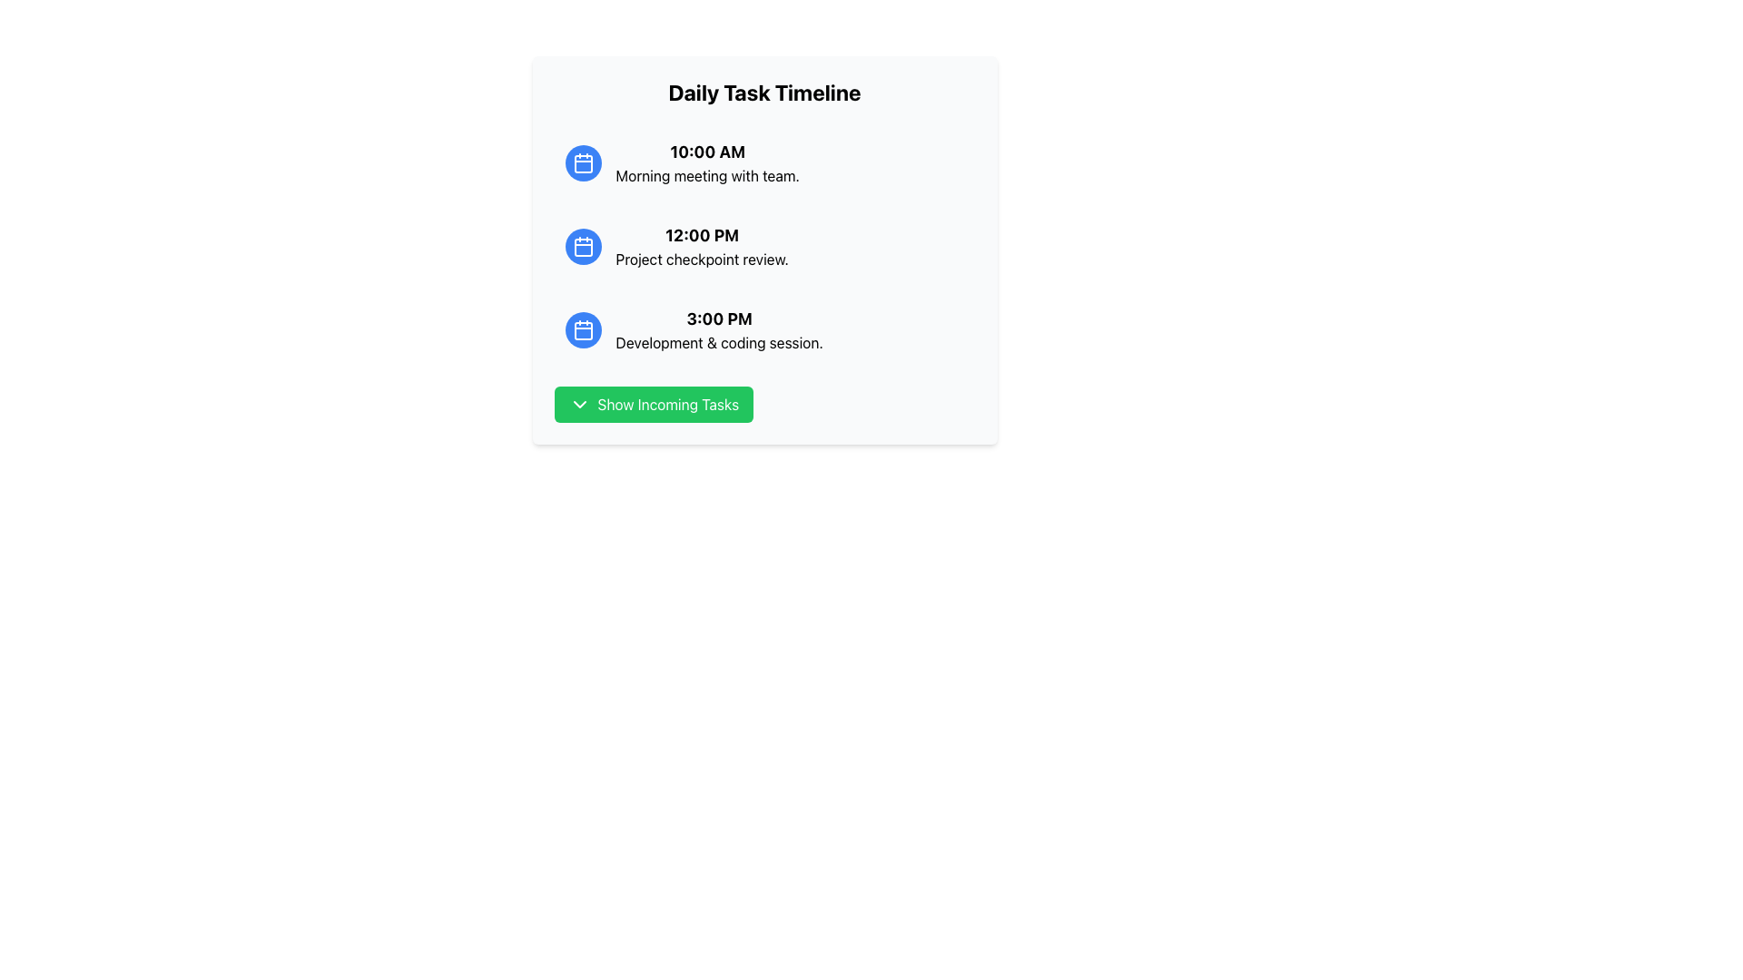 The height and width of the screenshot is (980, 1743). I want to click on time information displayed in the text label showing '12:00 PM', which is located between '10:00 AM' and '3:00 PM' in the task list, so click(701, 234).